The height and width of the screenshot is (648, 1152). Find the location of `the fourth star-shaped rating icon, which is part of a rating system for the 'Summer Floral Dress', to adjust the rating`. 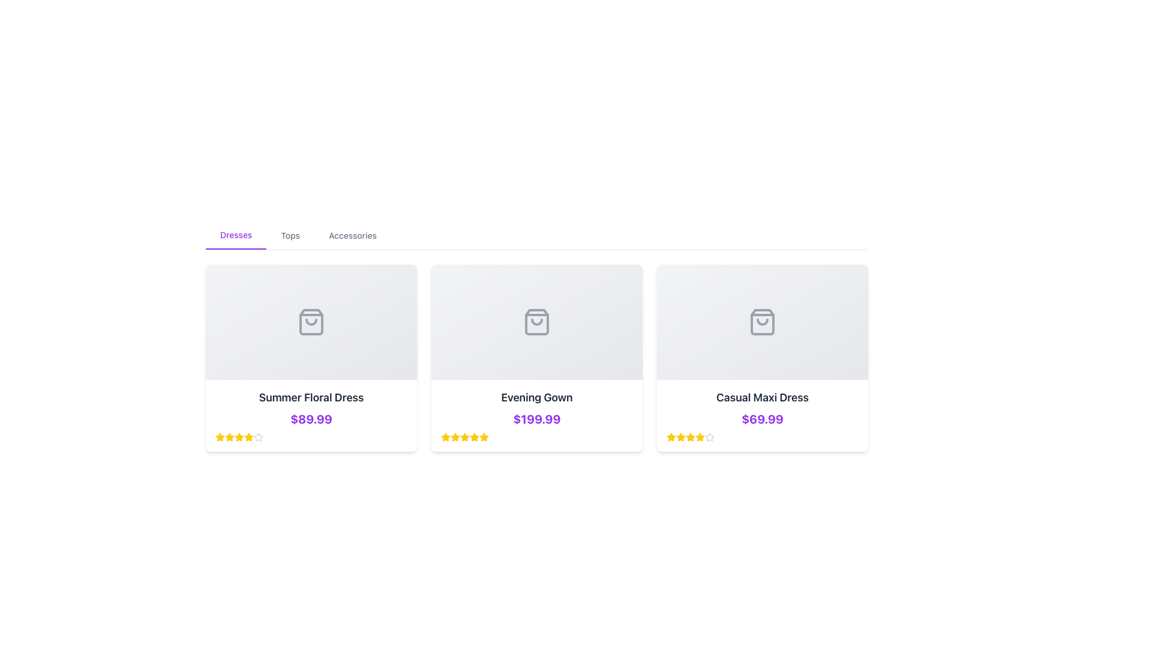

the fourth star-shaped rating icon, which is part of a rating system for the 'Summer Floral Dress', to adjust the rating is located at coordinates (220, 437).